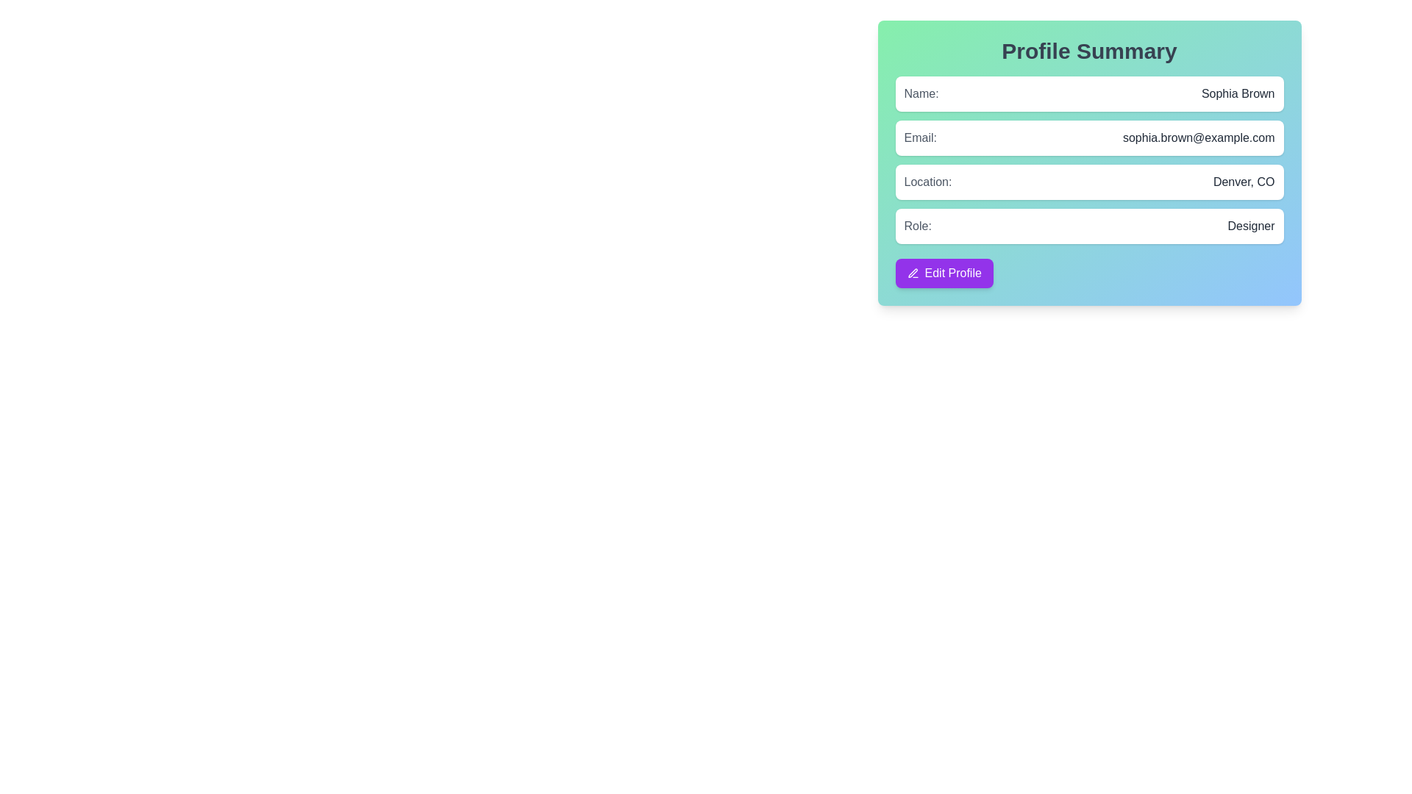  What do you see at coordinates (1237, 93) in the screenshot?
I see `the static text label displaying the user's name 'Sophia Brown' in the Profile Summary panel, located to the right of the 'Name:' label` at bounding box center [1237, 93].